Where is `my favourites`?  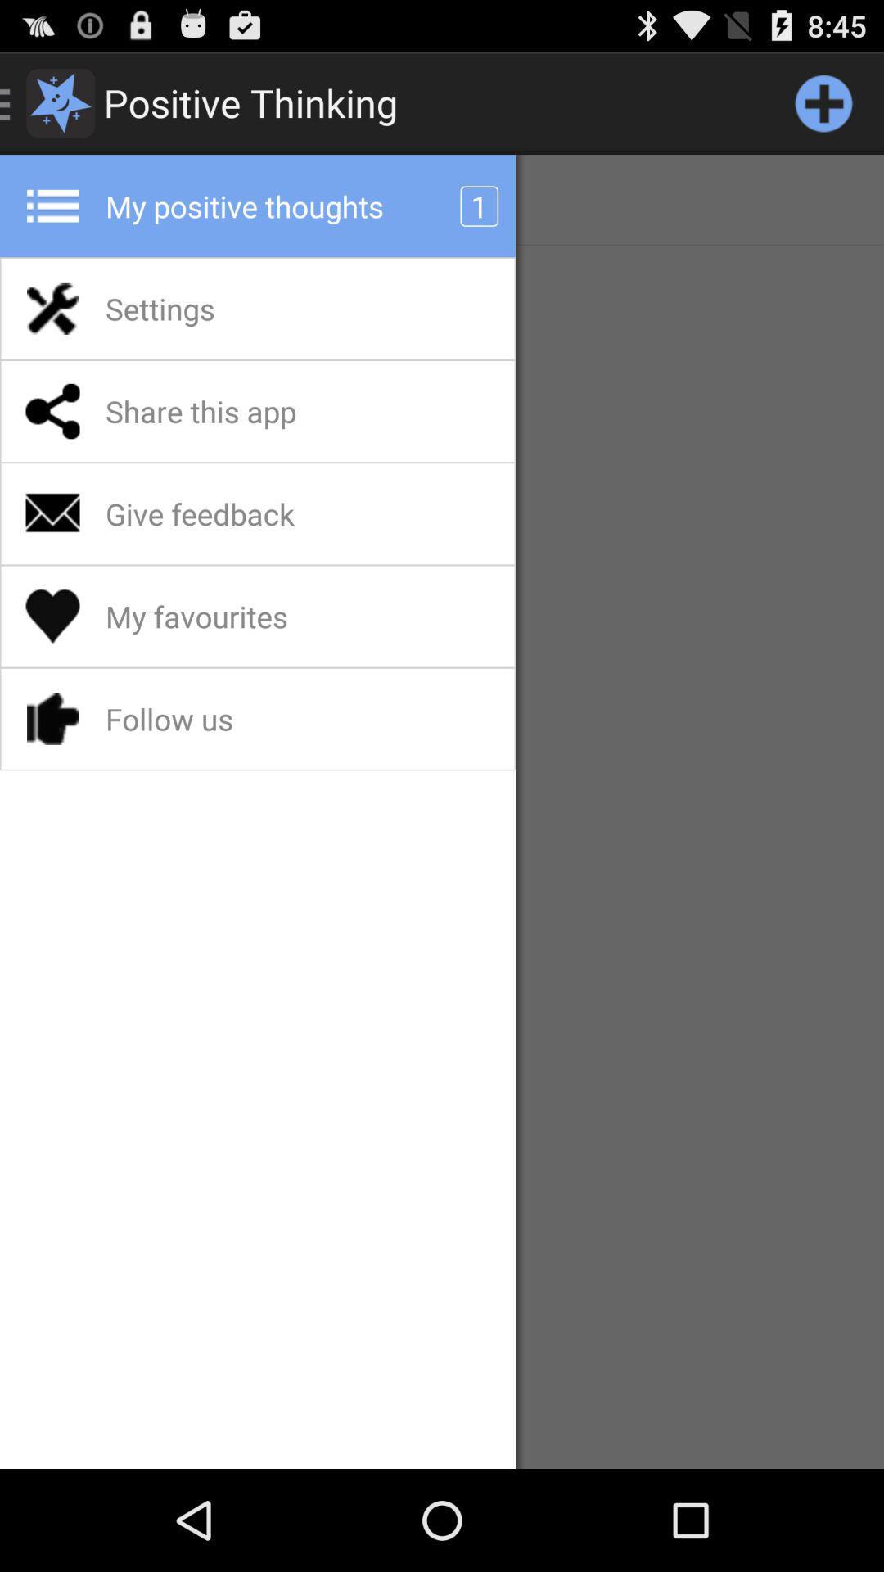
my favourites is located at coordinates (239, 616).